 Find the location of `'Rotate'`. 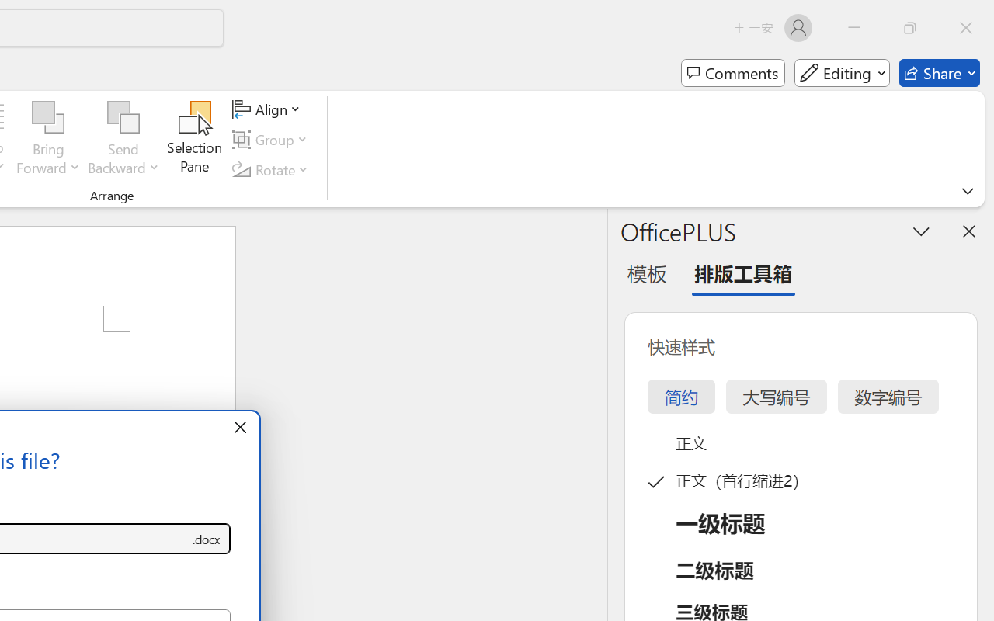

'Rotate' is located at coordinates (273, 169).